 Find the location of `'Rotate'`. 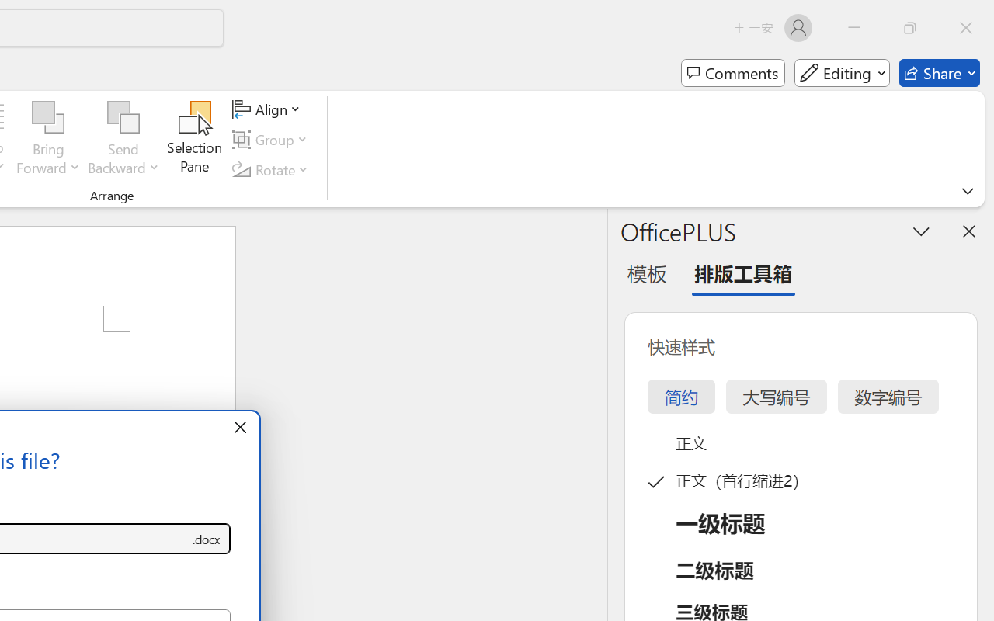

'Rotate' is located at coordinates (273, 169).